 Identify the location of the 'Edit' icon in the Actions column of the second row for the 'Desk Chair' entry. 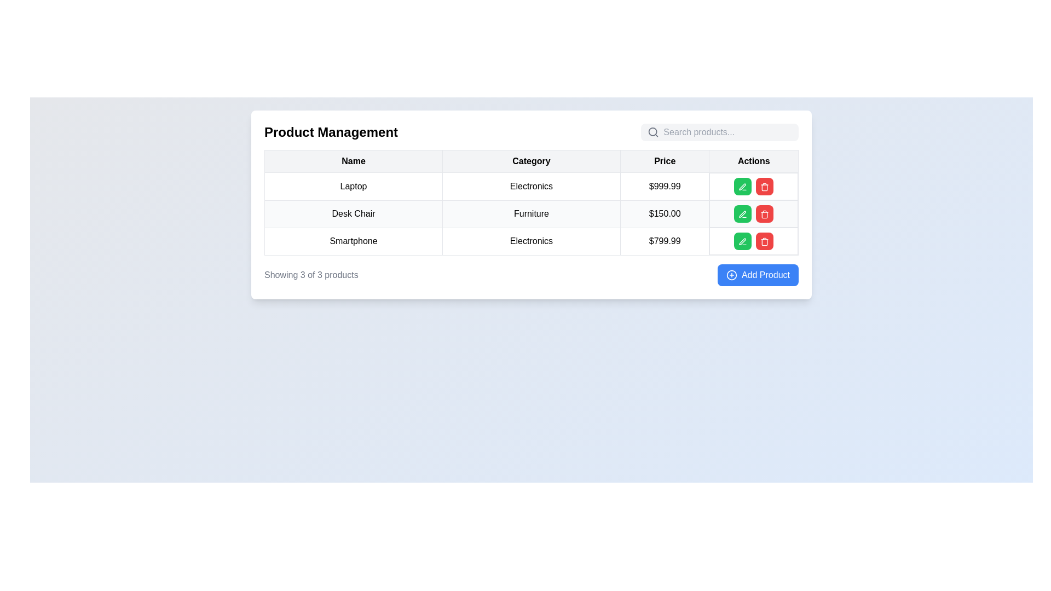
(742, 186).